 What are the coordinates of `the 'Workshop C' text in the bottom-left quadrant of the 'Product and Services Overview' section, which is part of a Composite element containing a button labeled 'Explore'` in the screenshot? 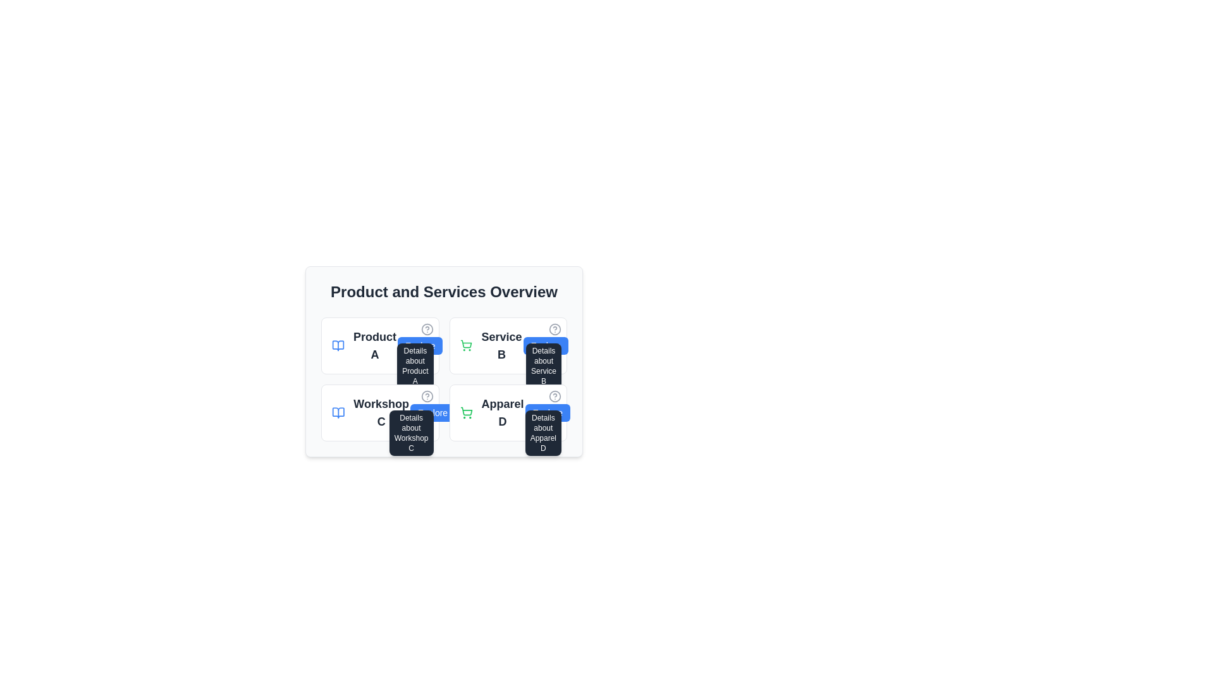 It's located at (379, 412).